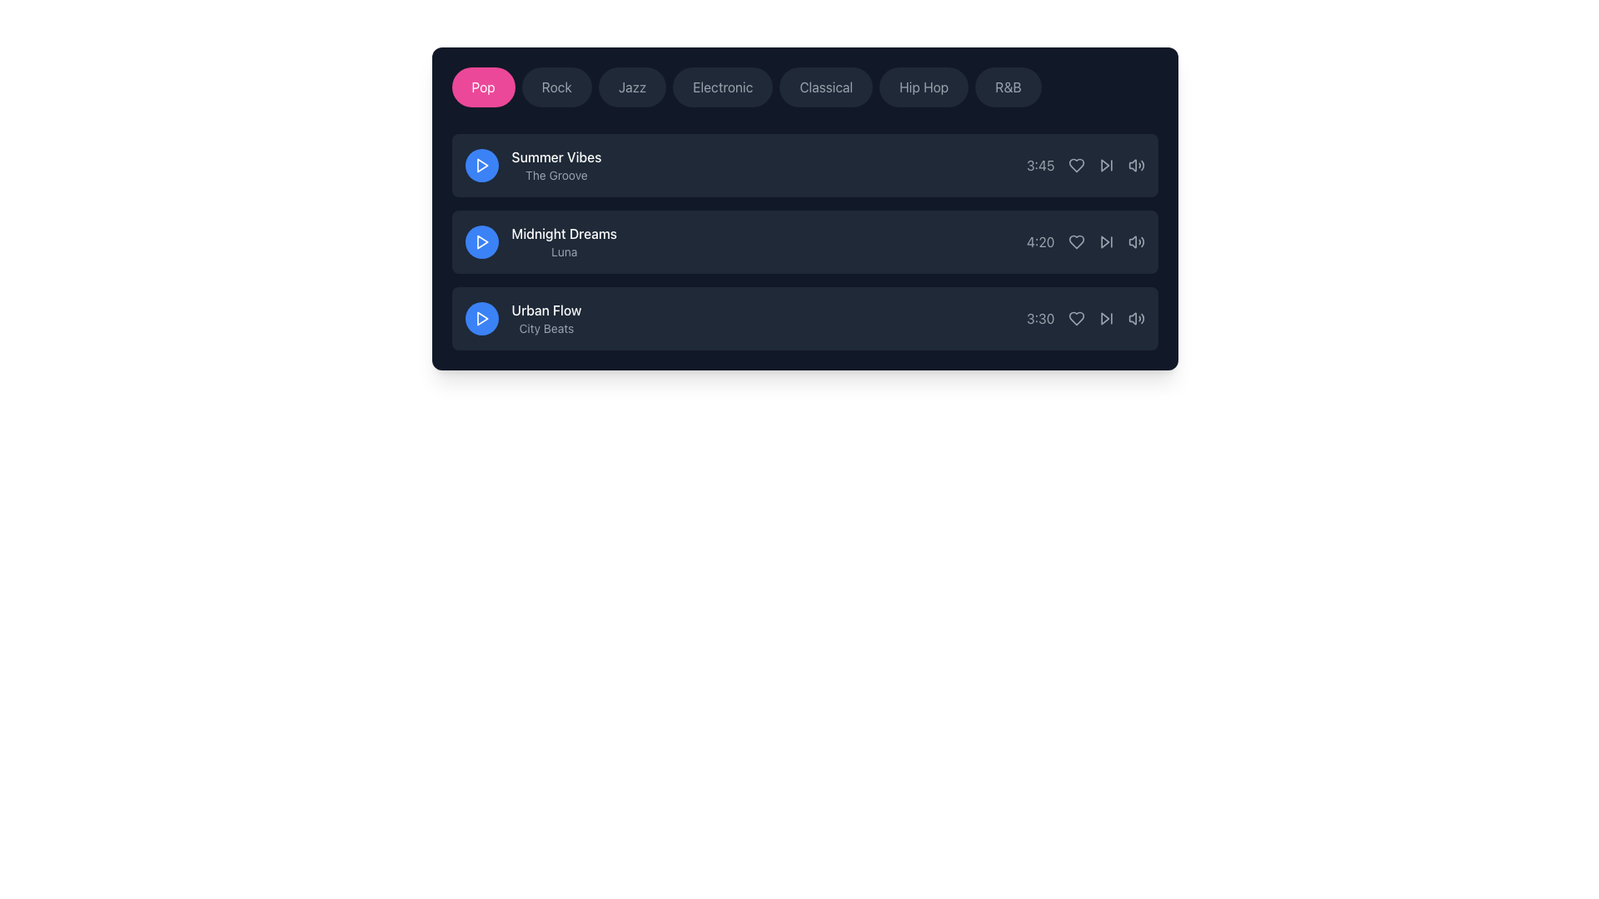  I want to click on the text block containing 'Urban Flow' and 'City Beats', so click(522, 318).